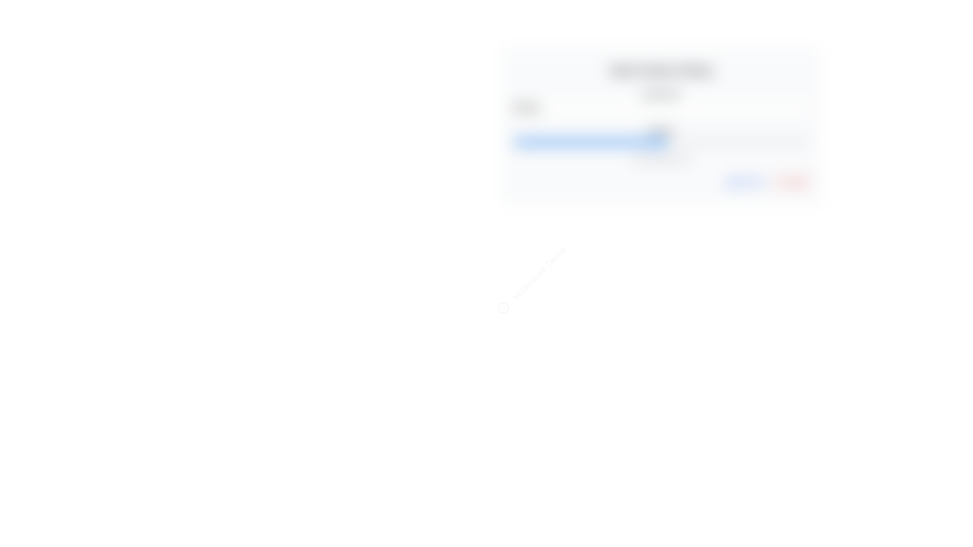 The image size is (973, 547). What do you see at coordinates (667, 142) in the screenshot?
I see `the slider value` at bounding box center [667, 142].